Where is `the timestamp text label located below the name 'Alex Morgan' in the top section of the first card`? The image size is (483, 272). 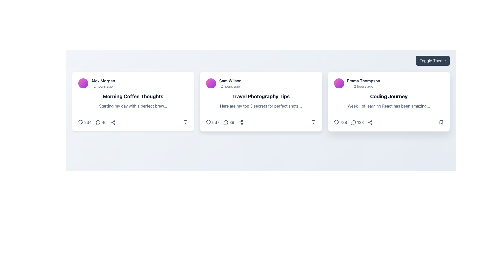 the timestamp text label located below the name 'Alex Morgan' in the top section of the first card is located at coordinates (103, 86).